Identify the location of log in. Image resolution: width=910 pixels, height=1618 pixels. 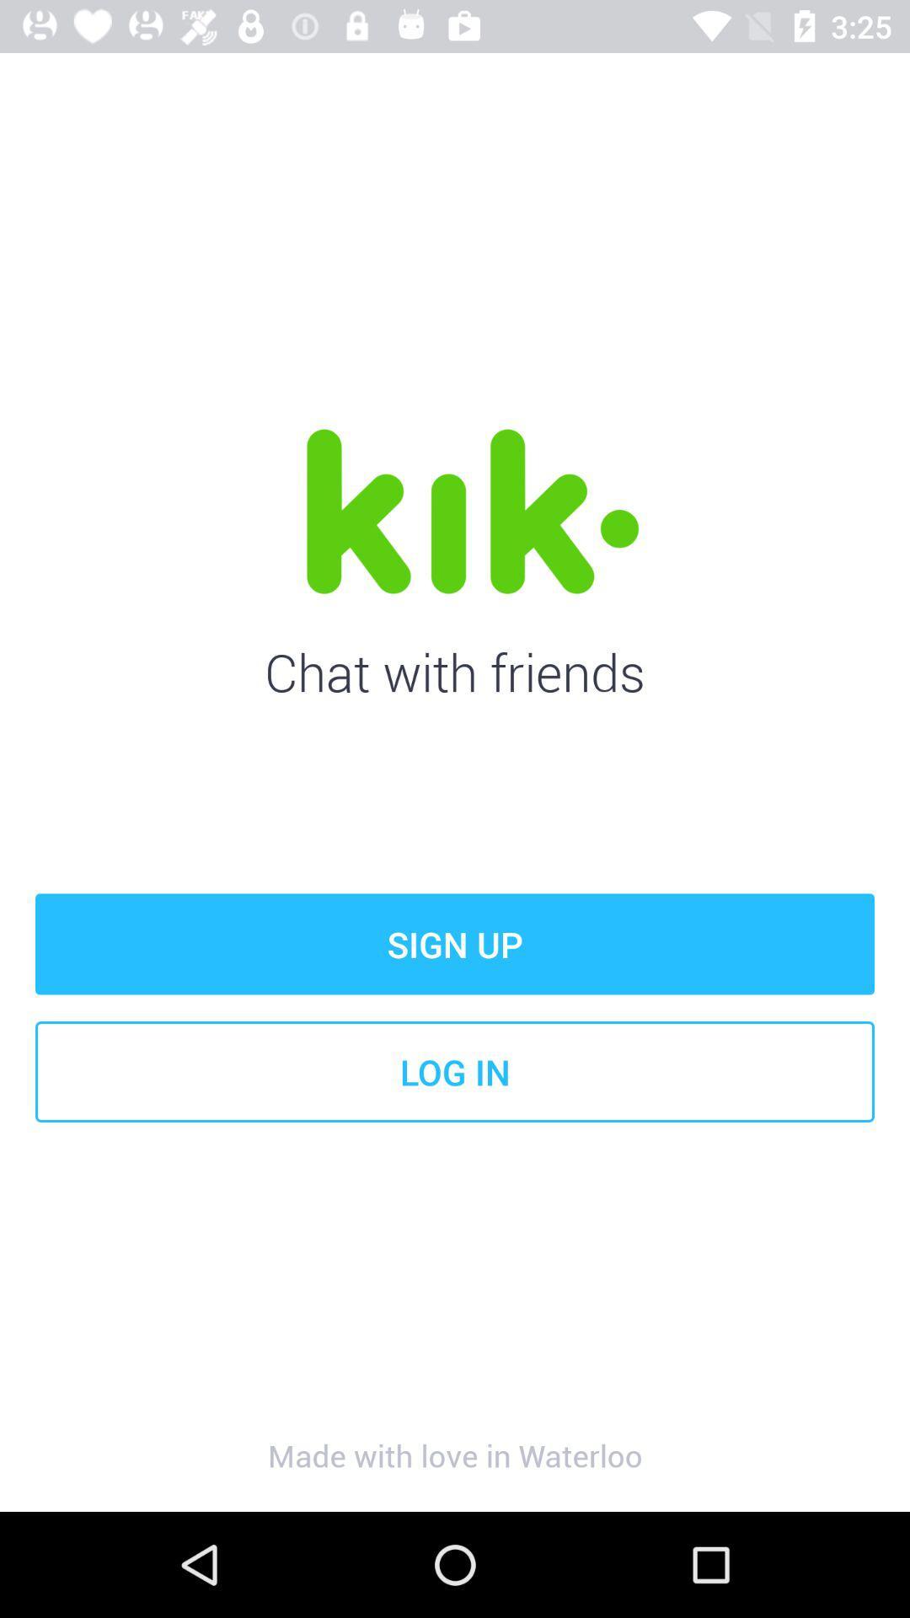
(455, 1071).